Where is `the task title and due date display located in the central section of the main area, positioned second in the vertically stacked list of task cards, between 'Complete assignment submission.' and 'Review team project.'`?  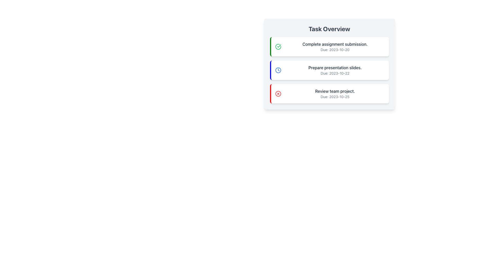 the task title and due date display located in the central section of the main area, positioned second in the vertically stacked list of task cards, between 'Complete assignment submission.' and 'Review team project.' is located at coordinates (335, 70).